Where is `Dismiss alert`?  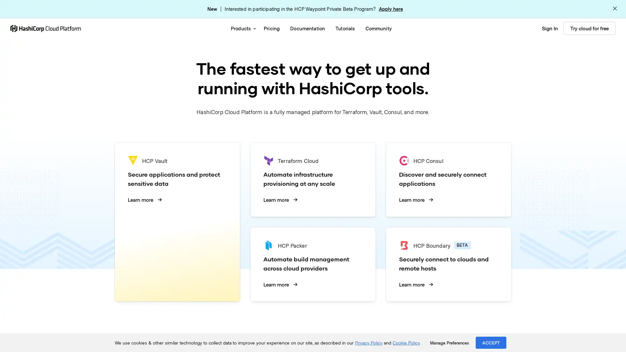 Dismiss alert is located at coordinates (615, 9).